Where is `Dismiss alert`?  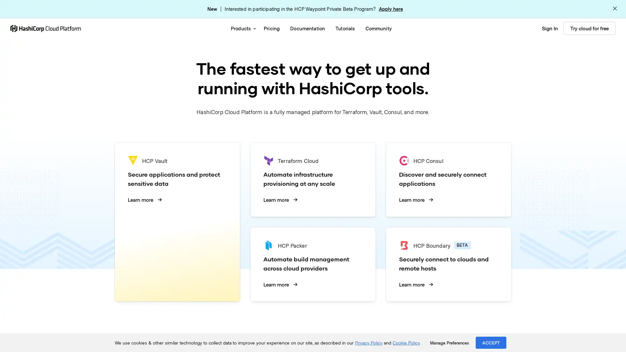 Dismiss alert is located at coordinates (615, 9).